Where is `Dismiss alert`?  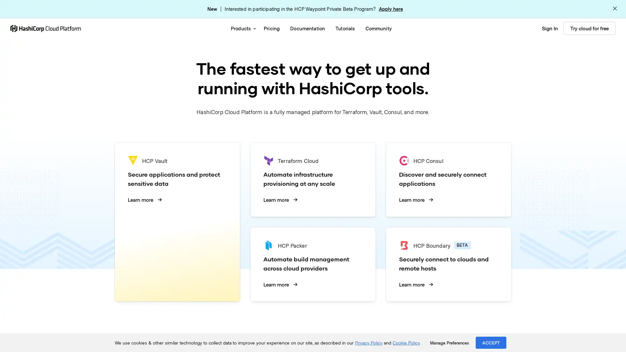 Dismiss alert is located at coordinates (615, 9).